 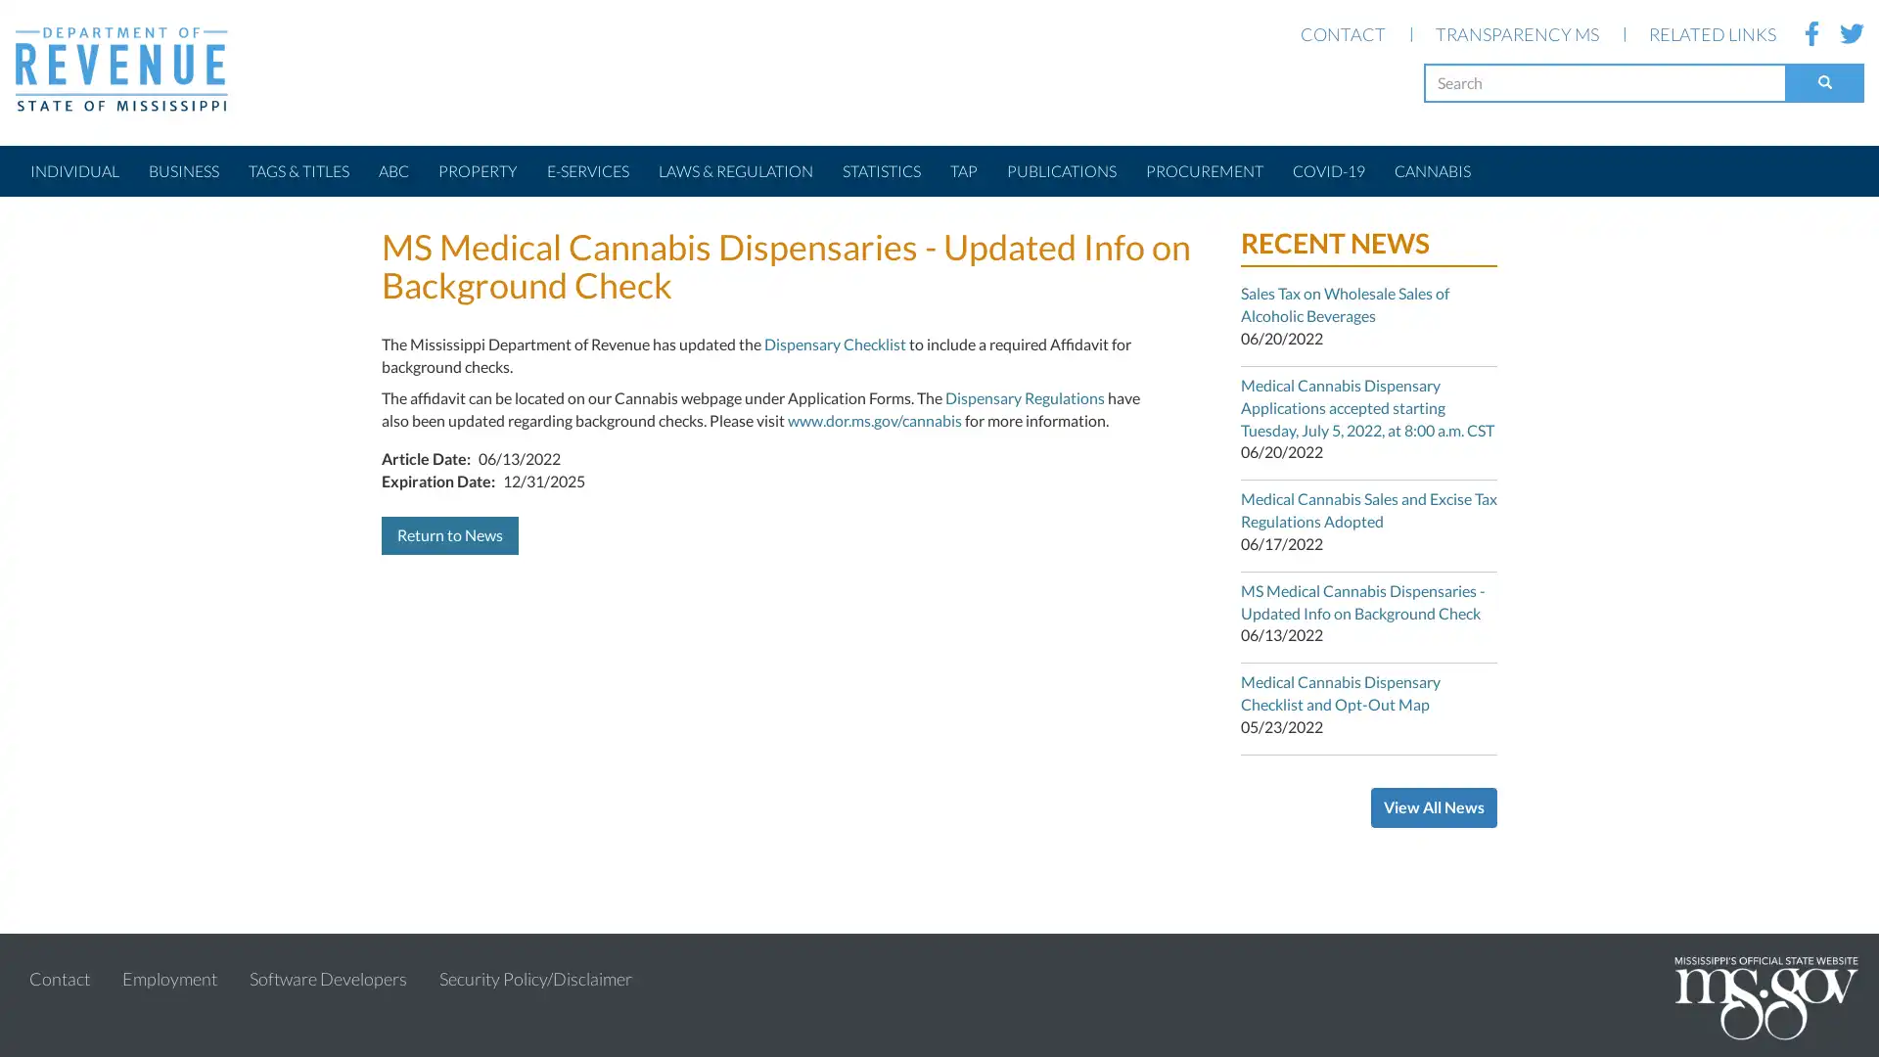 What do you see at coordinates (1824, 81) in the screenshot?
I see `Search` at bounding box center [1824, 81].